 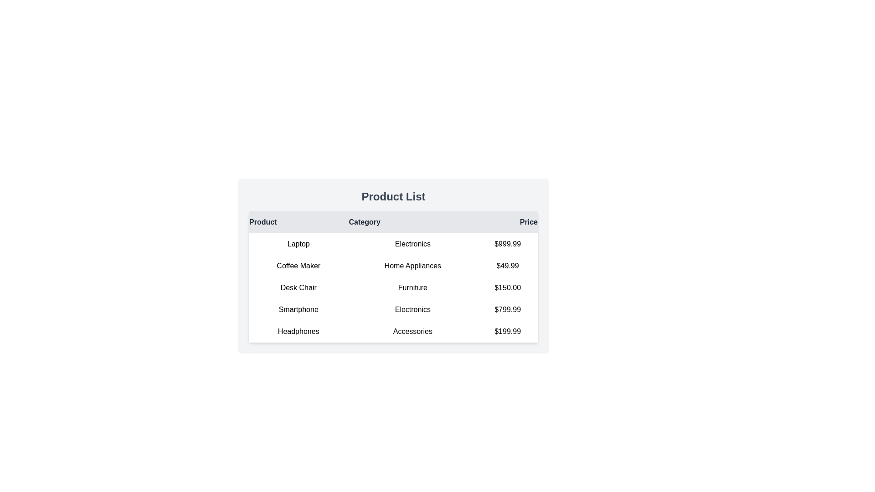 What do you see at coordinates (412, 266) in the screenshot?
I see `the 'Coffee Maker' category text display element located in the second row of the table under the 'Category' column, which is the second element between 'Coffee Maker' on the left and '$49.99' on the right` at bounding box center [412, 266].